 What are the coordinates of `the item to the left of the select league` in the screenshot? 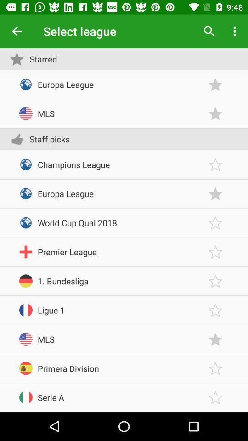 It's located at (17, 31).